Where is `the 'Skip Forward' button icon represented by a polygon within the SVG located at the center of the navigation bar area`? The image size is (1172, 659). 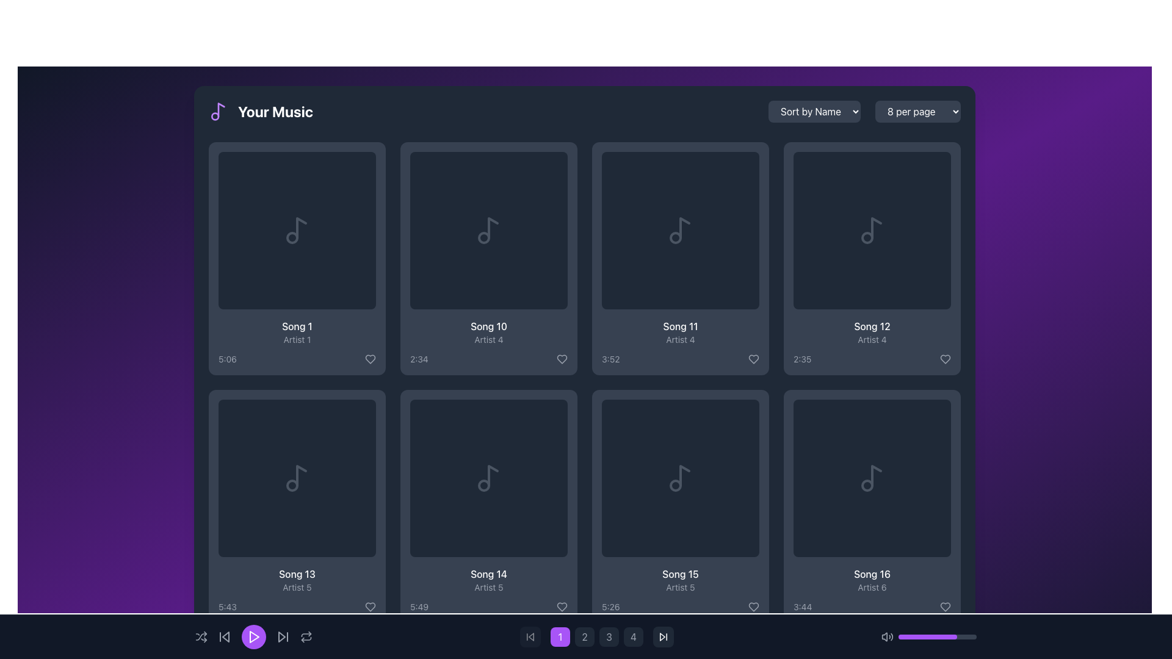 the 'Skip Forward' button icon represented by a polygon within the SVG located at the center of the navigation bar area is located at coordinates (662, 636).